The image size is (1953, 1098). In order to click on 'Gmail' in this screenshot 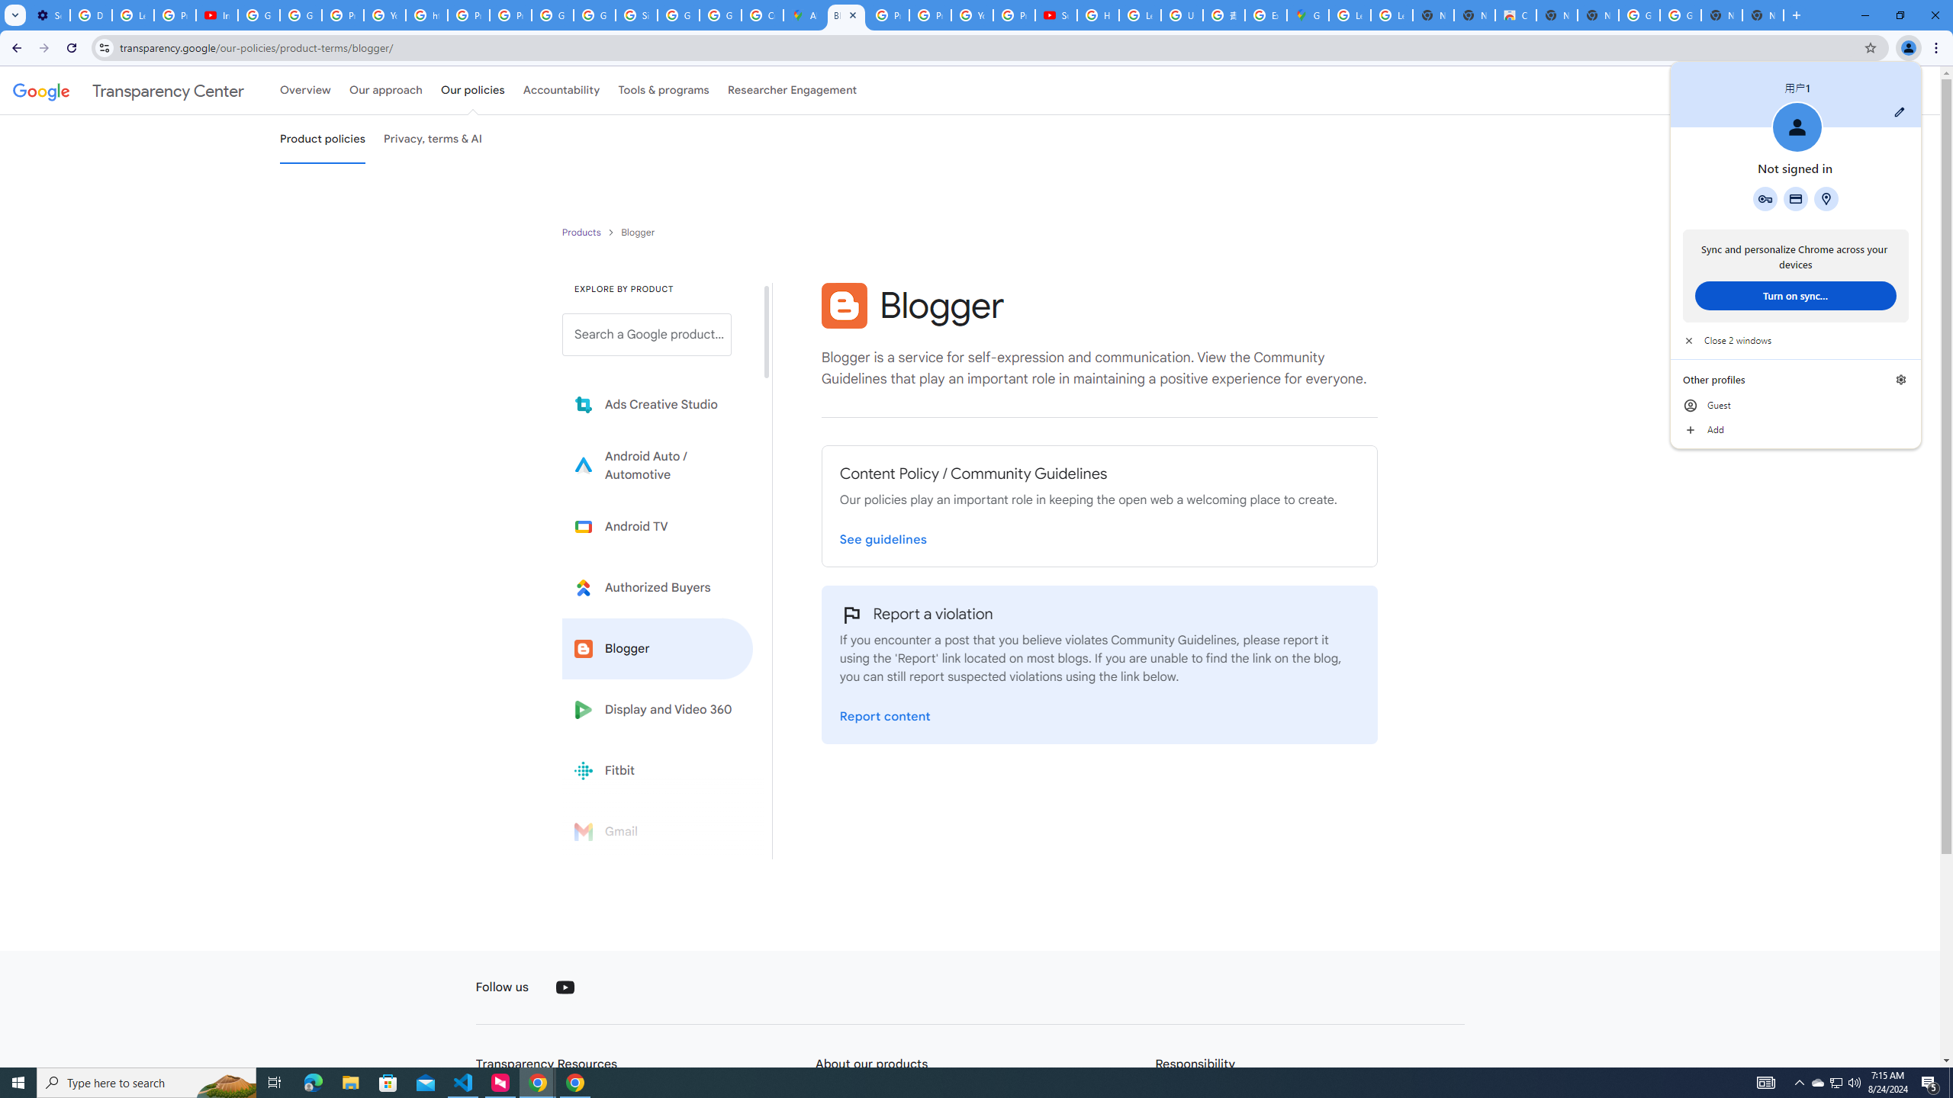, I will do `click(657, 830)`.